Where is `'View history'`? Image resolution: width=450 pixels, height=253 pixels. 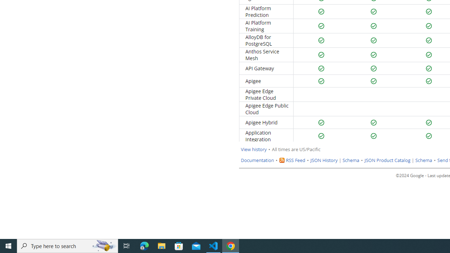
'View history' is located at coordinates (253, 149).